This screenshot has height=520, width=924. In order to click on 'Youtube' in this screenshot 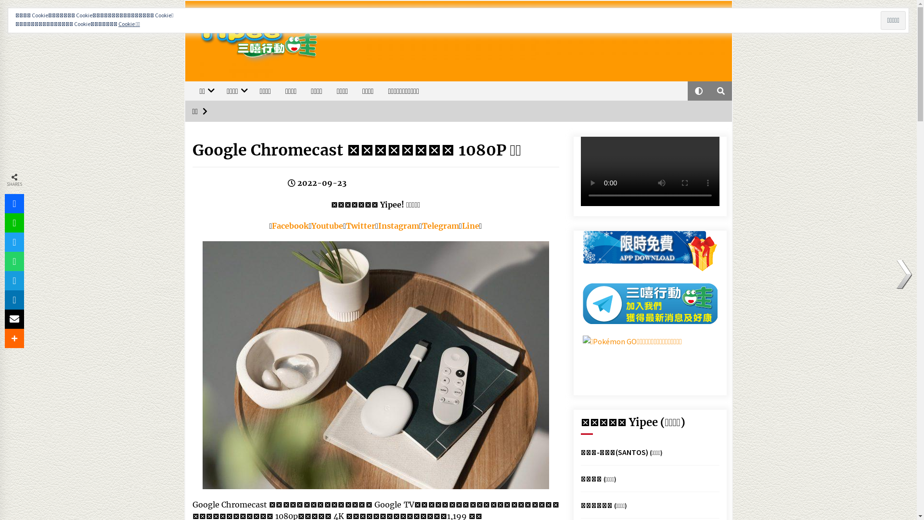, I will do `click(327, 226)`.